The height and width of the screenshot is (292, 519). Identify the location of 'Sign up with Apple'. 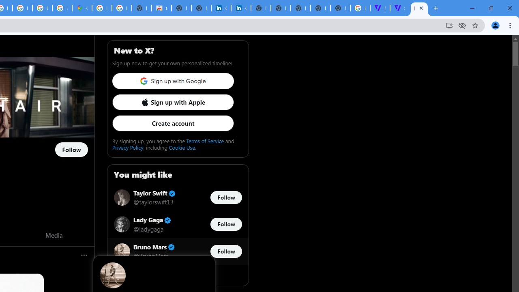
(172, 101).